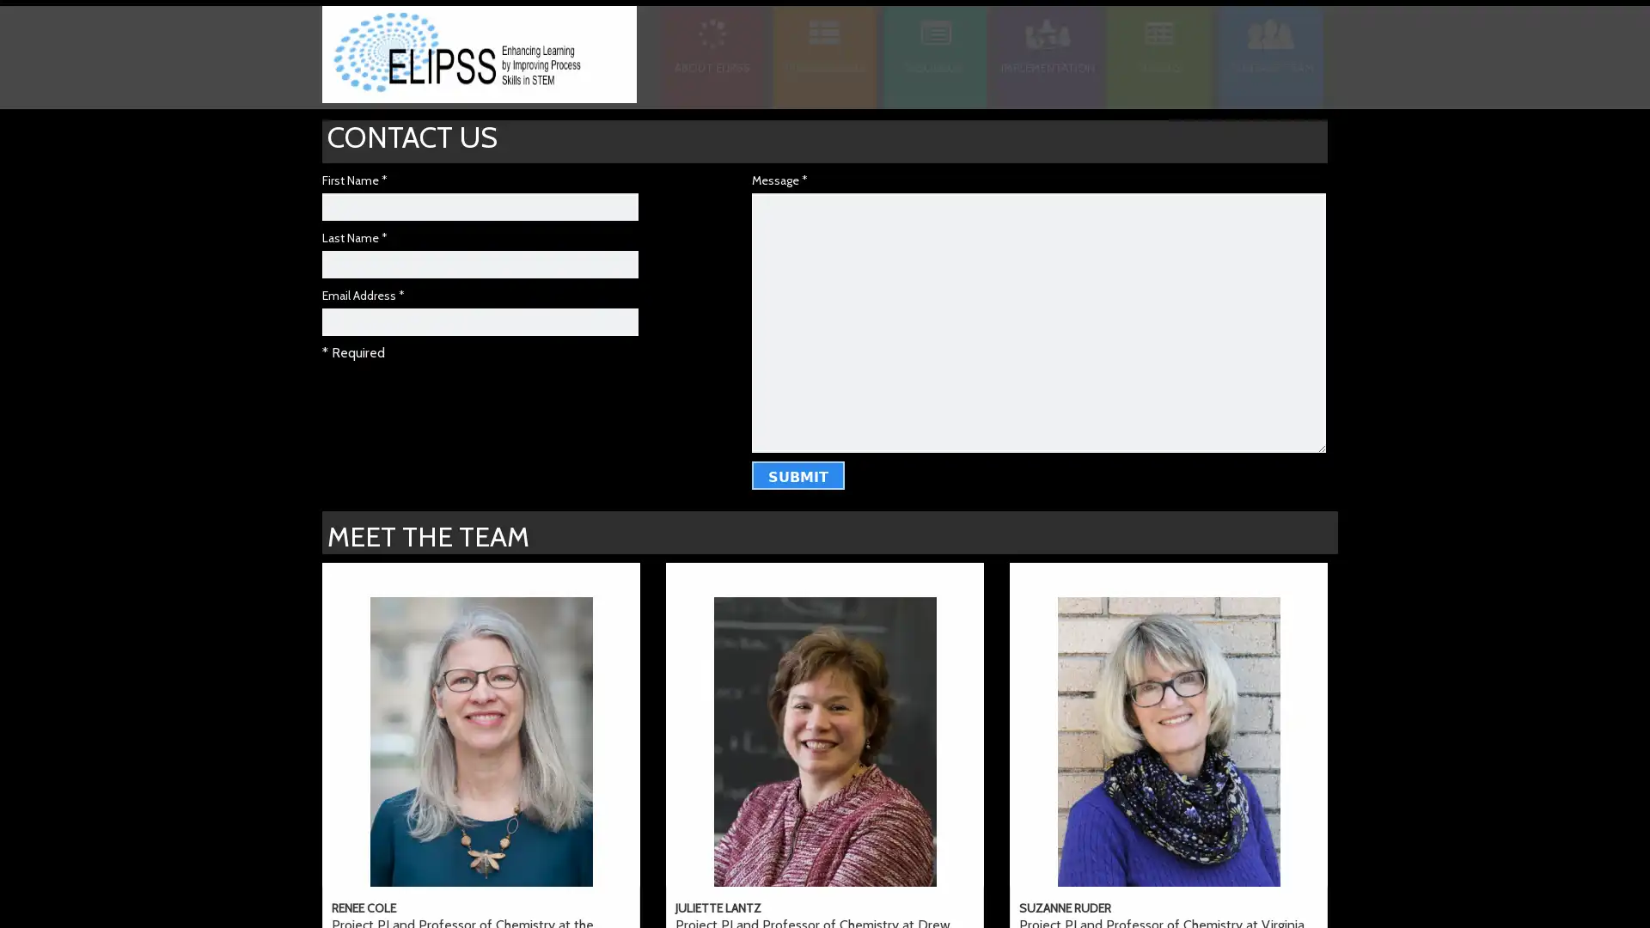 The height and width of the screenshot is (928, 1650). Describe the element at coordinates (797, 475) in the screenshot. I see `Submit` at that location.